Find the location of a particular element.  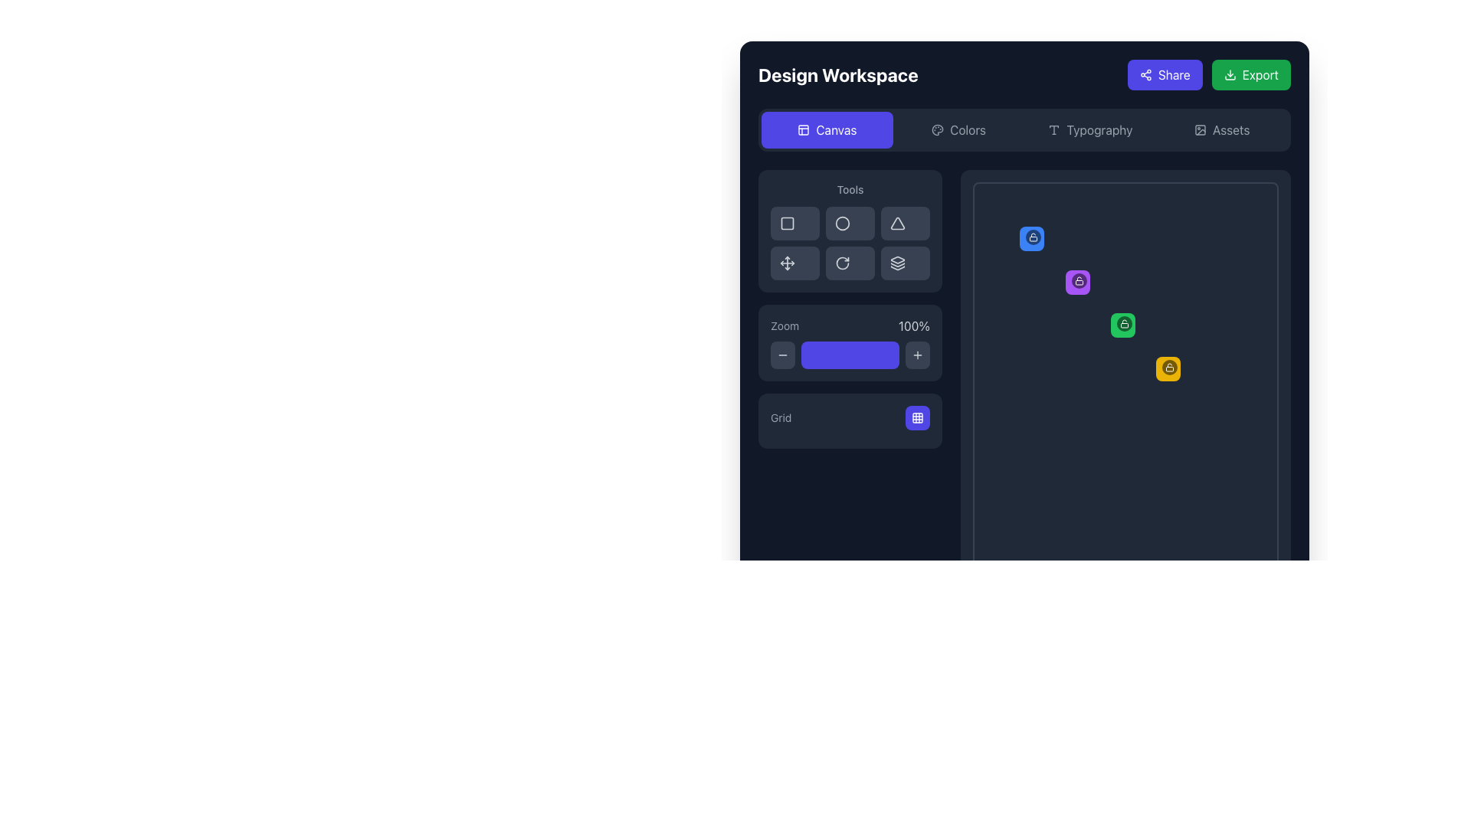

the button in the control section for toggling or customizing grid settings located at the bottom of the 'Zoom' section in the sidebar is located at coordinates (849, 421).